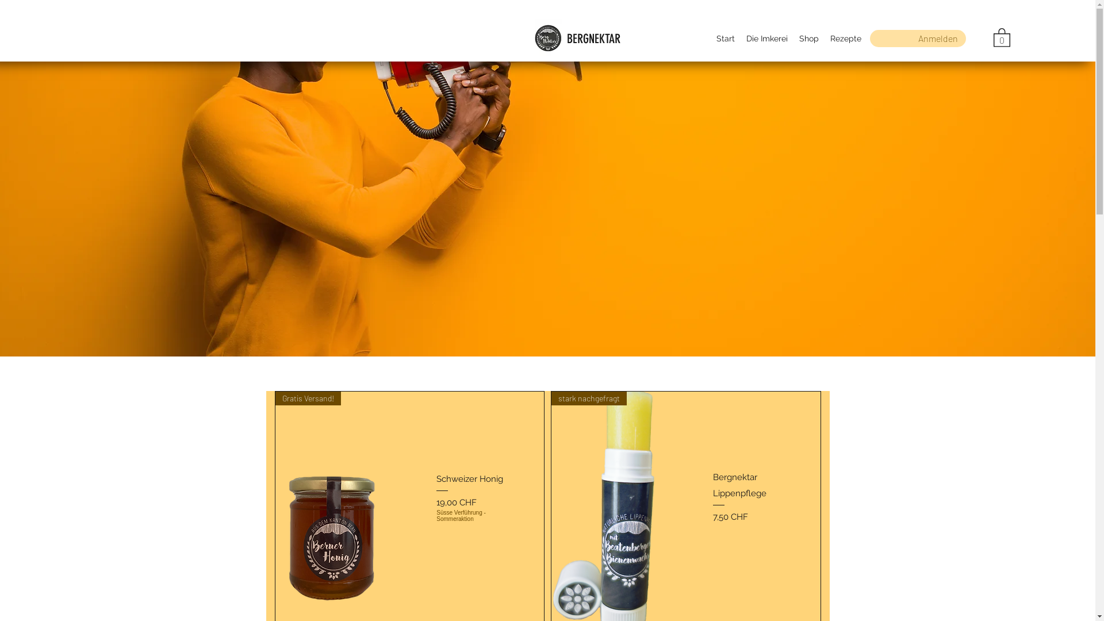 The image size is (1104, 621). What do you see at coordinates (725, 37) in the screenshot?
I see `'Start'` at bounding box center [725, 37].